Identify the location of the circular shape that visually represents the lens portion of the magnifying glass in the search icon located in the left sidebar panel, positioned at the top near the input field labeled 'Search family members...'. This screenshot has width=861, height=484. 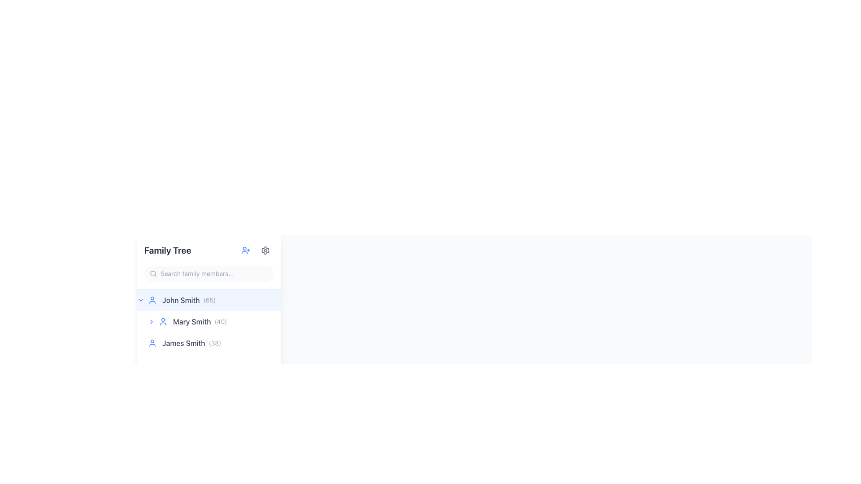
(153, 273).